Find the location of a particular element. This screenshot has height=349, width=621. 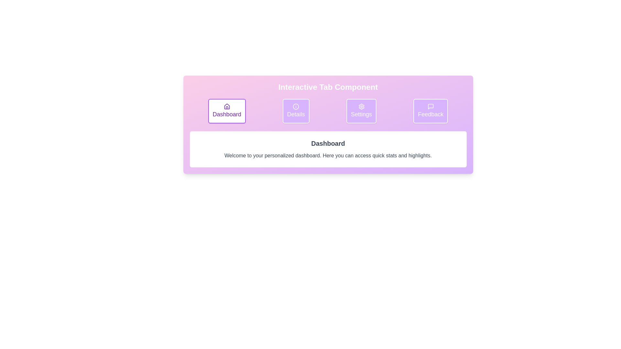

the tab labeled Dashboard to switch to it is located at coordinates (227, 111).